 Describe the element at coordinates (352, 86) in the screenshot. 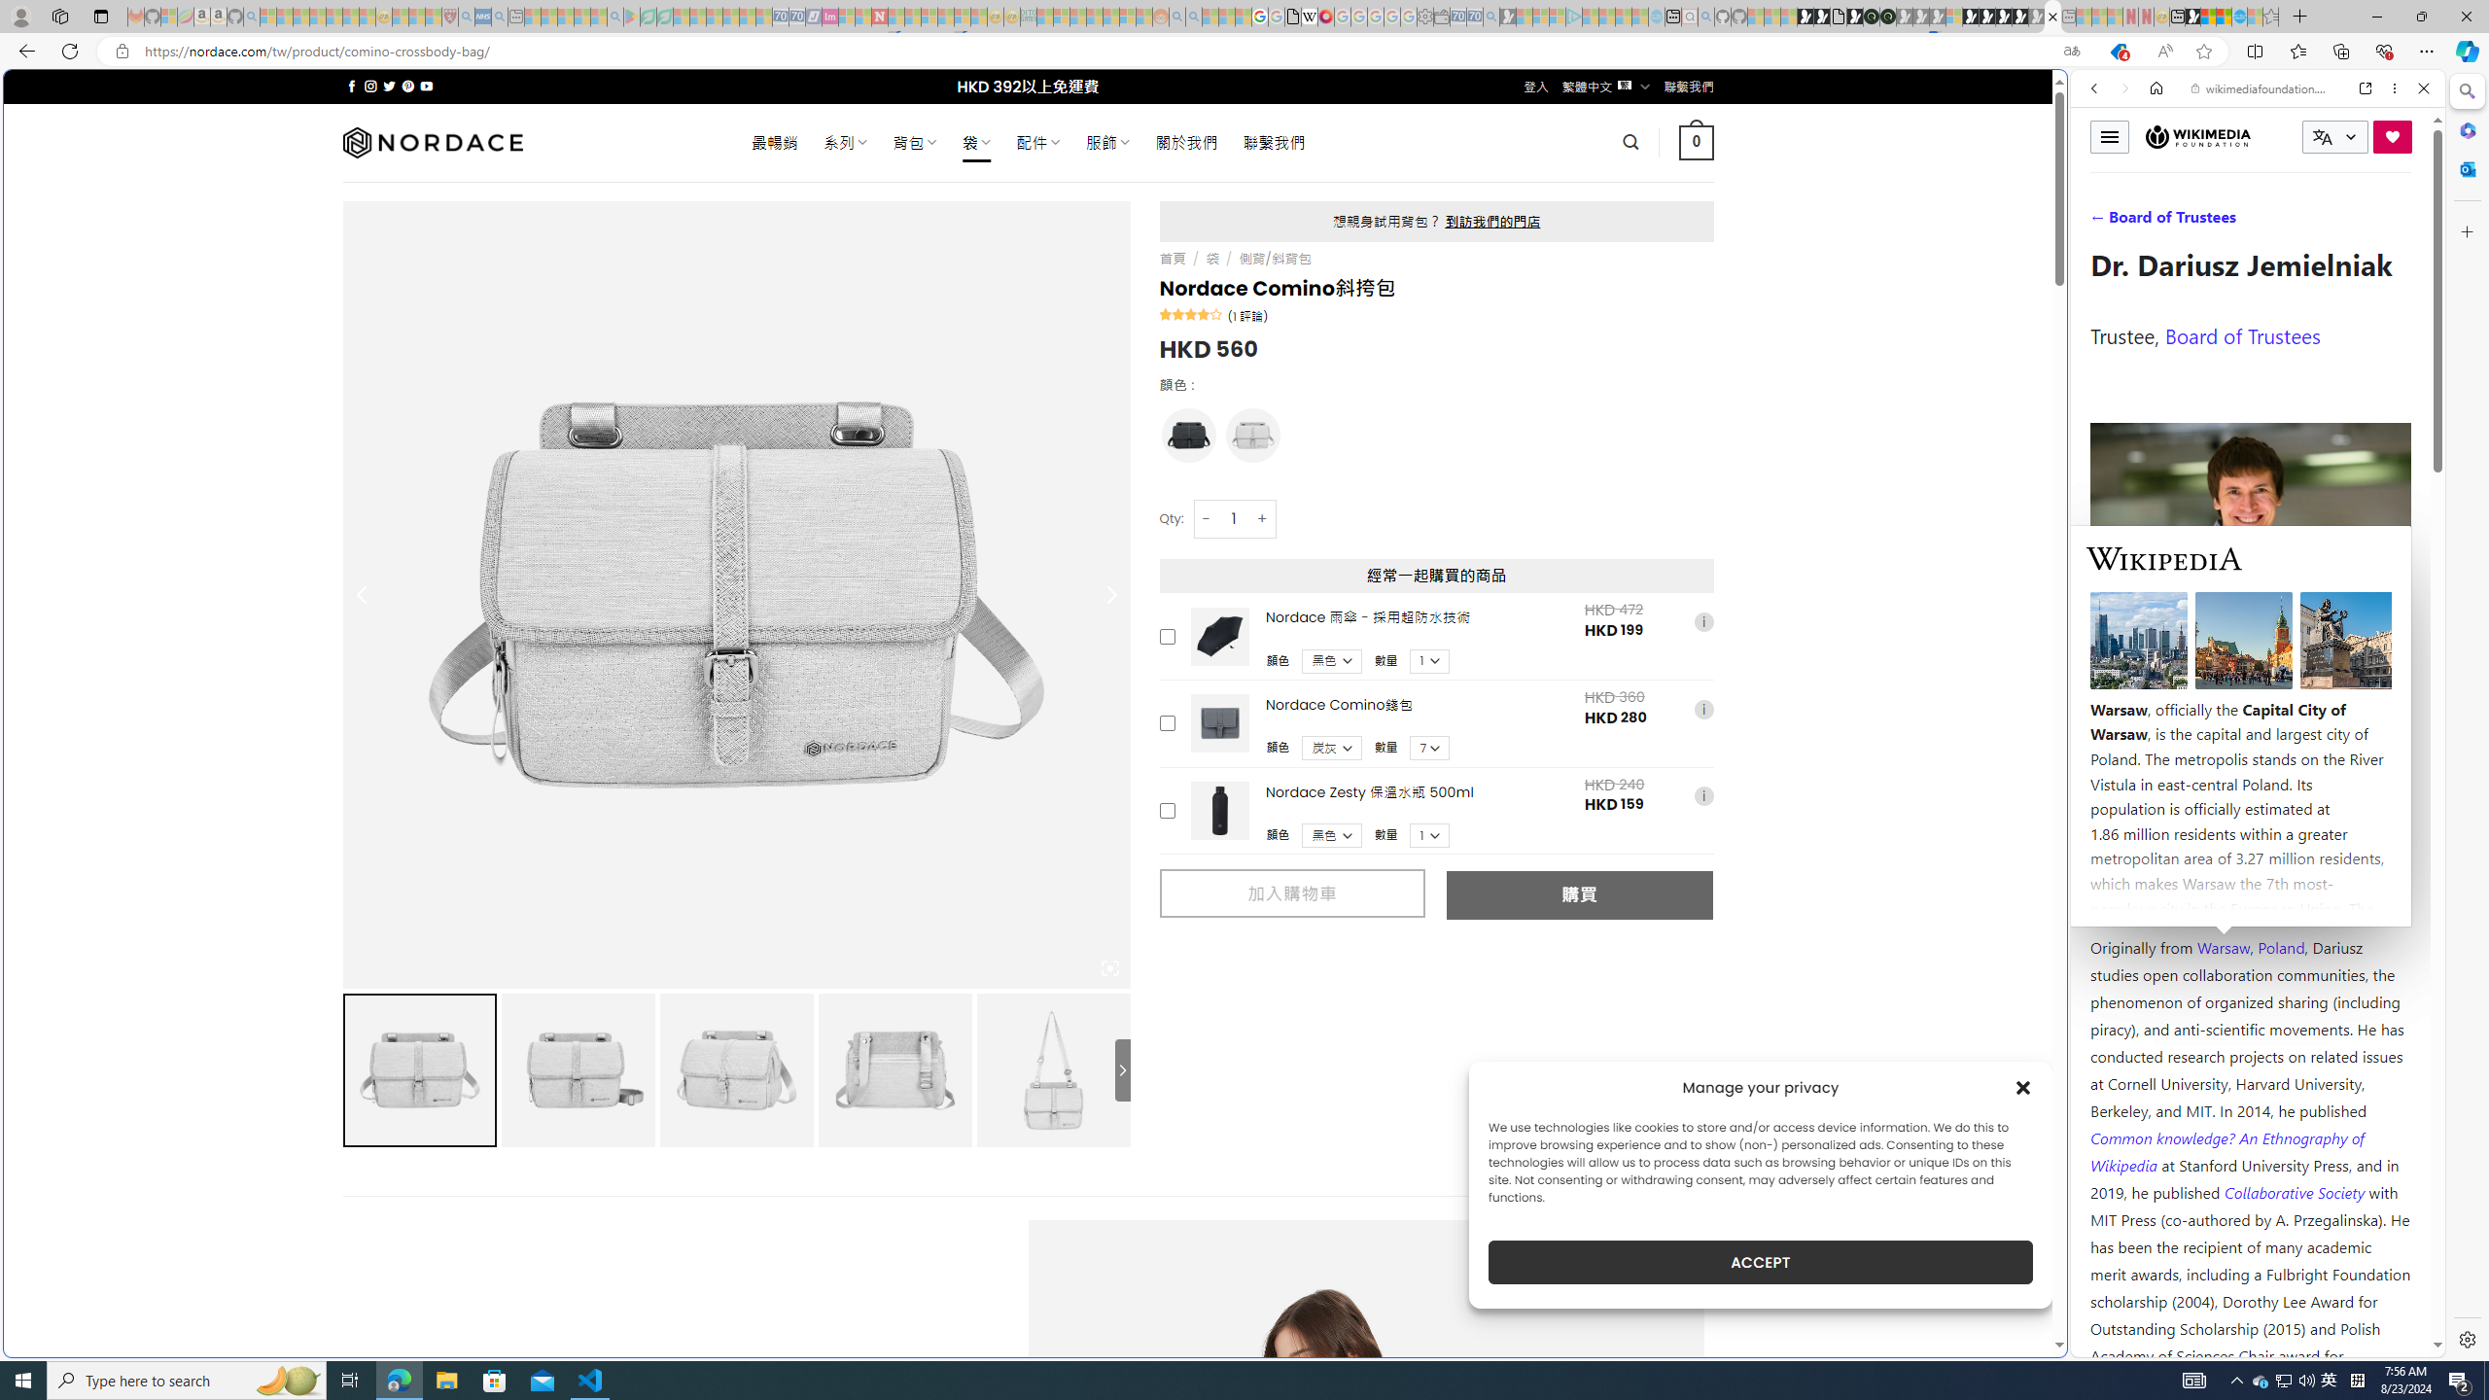

I see `'Follow on Facebook'` at that location.